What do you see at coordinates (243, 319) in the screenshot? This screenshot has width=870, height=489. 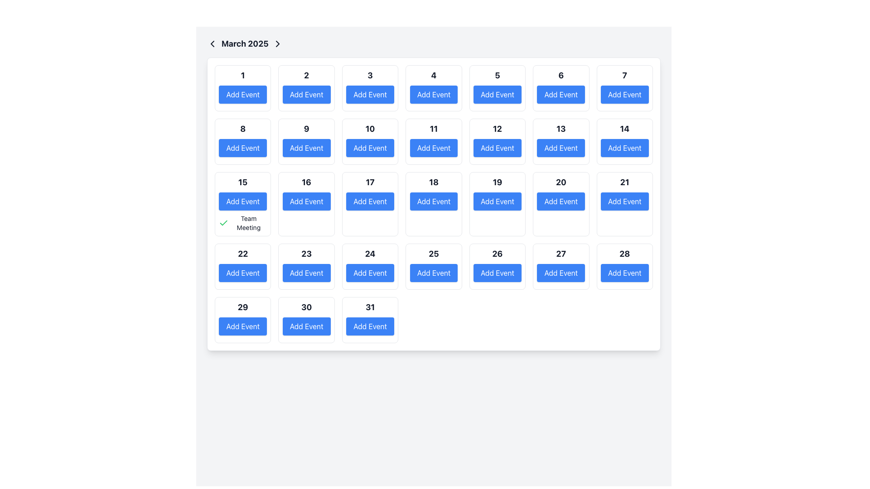 I see `the Interactive calendar date slot for the 29th day, which contains the button labeled 'Add Event'` at bounding box center [243, 319].